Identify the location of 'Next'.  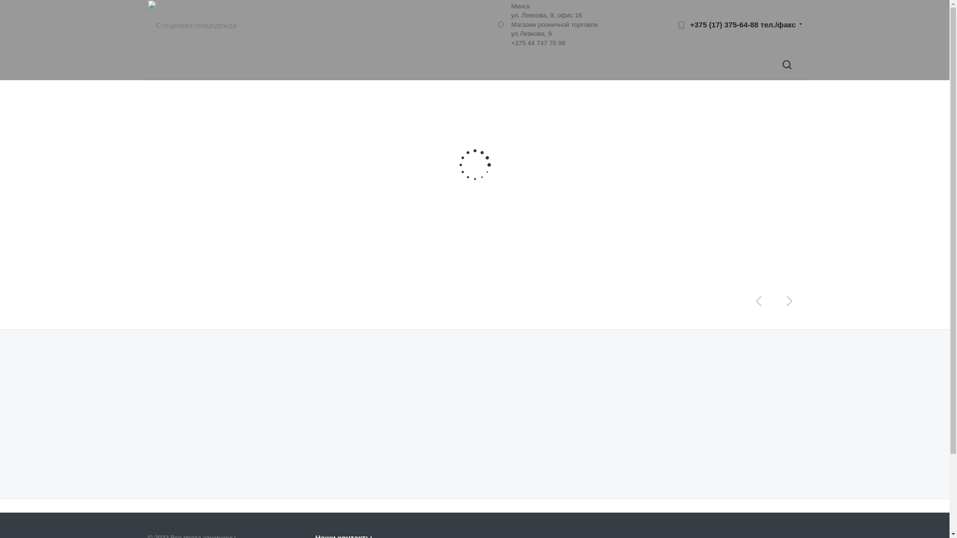
(789, 300).